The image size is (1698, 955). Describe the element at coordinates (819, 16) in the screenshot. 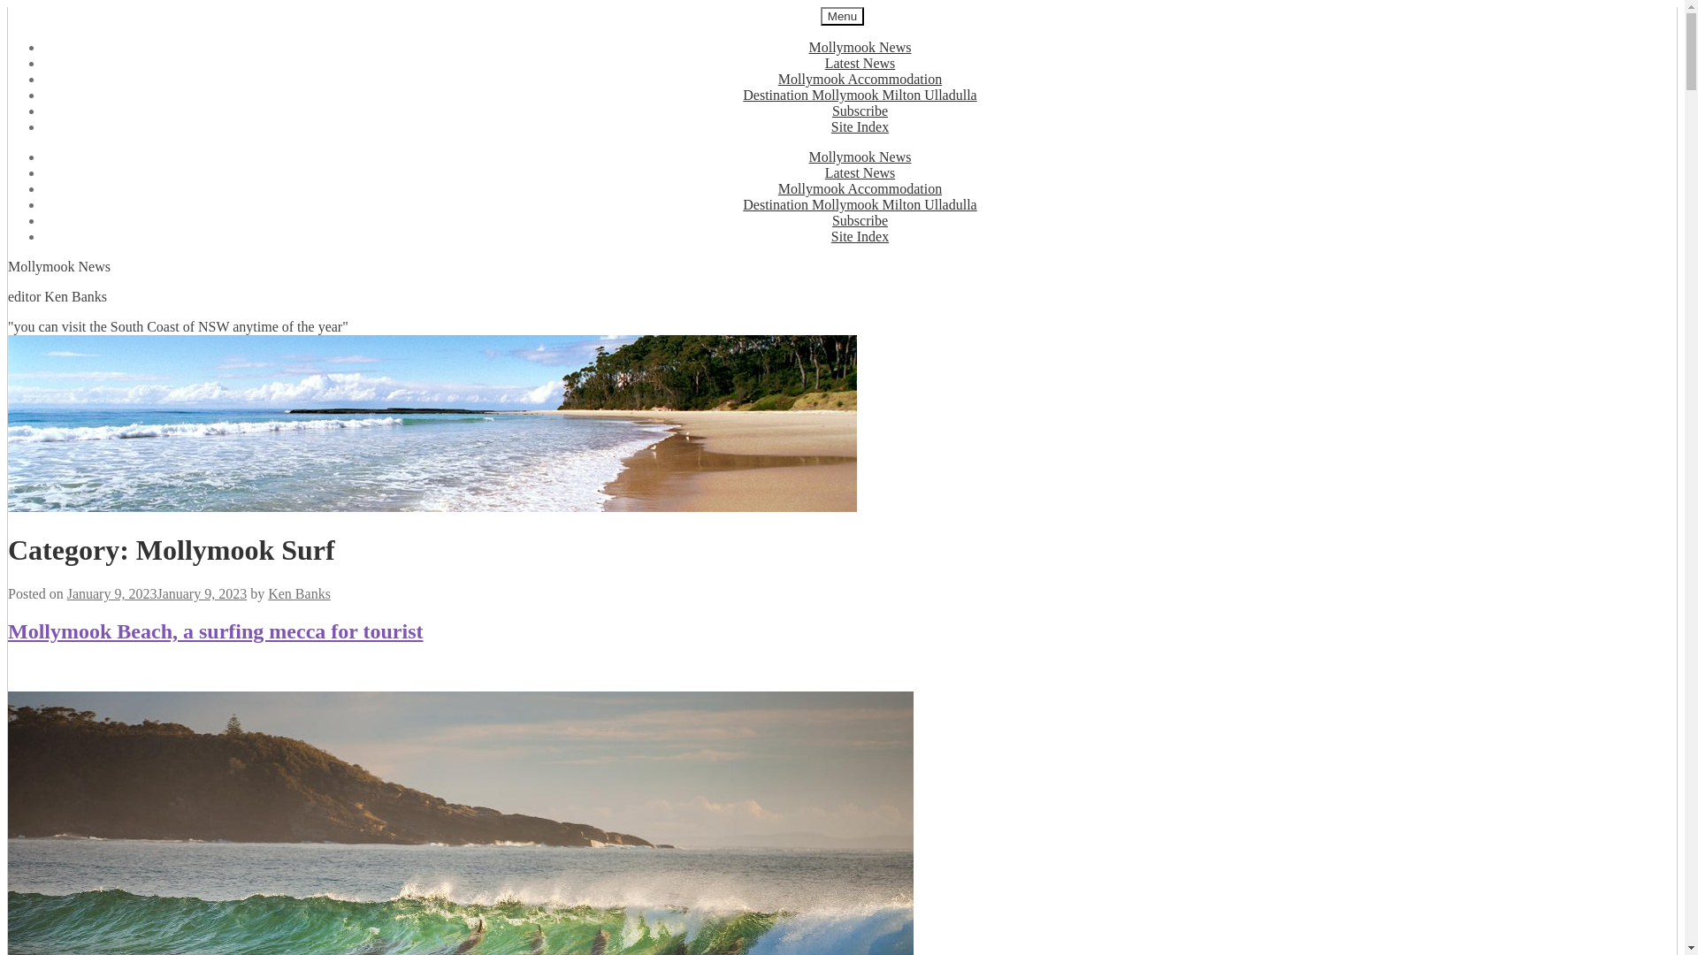

I see `'Menu'` at that location.